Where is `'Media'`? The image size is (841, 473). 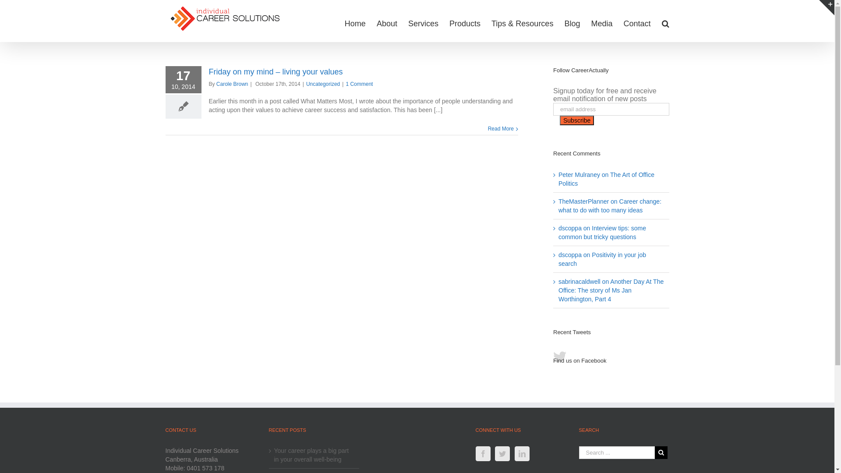
'Media' is located at coordinates (601, 23).